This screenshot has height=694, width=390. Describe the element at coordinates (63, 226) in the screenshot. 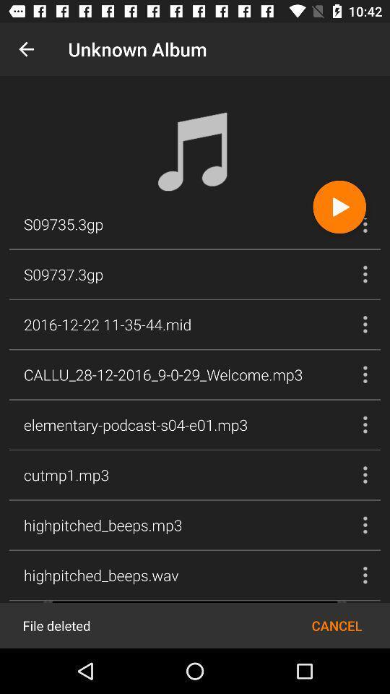

I see `s09735.3gp item` at that location.